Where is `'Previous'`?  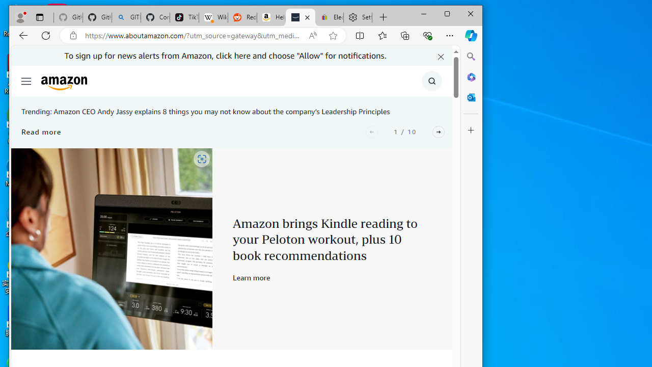 'Previous' is located at coordinates (371, 131).